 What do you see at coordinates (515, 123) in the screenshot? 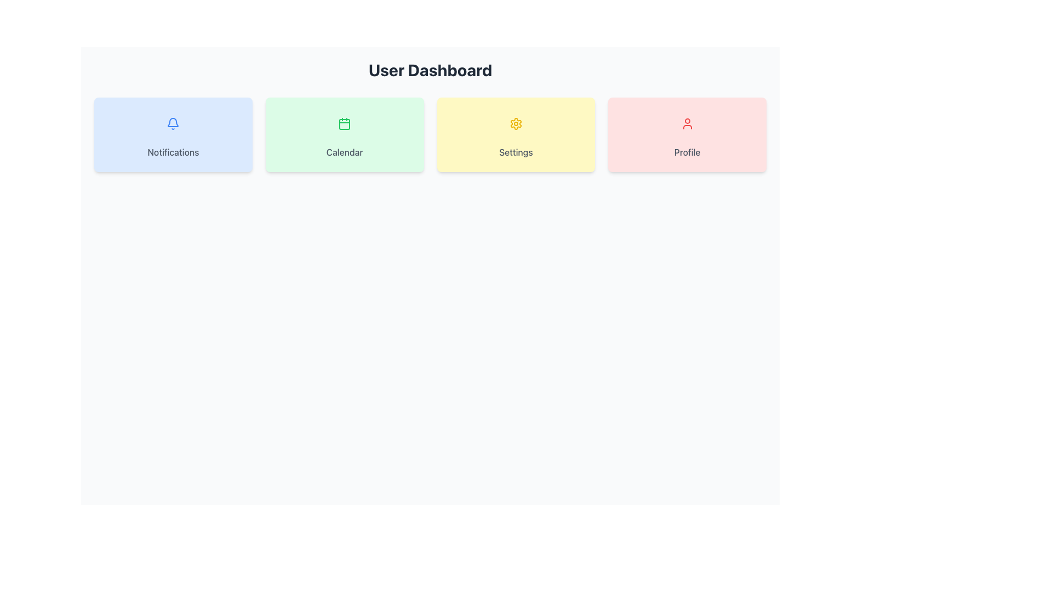
I see `the gear icon representing settings functionality, which is styled in yellow and located centrally within the 'Settings' card` at bounding box center [515, 123].